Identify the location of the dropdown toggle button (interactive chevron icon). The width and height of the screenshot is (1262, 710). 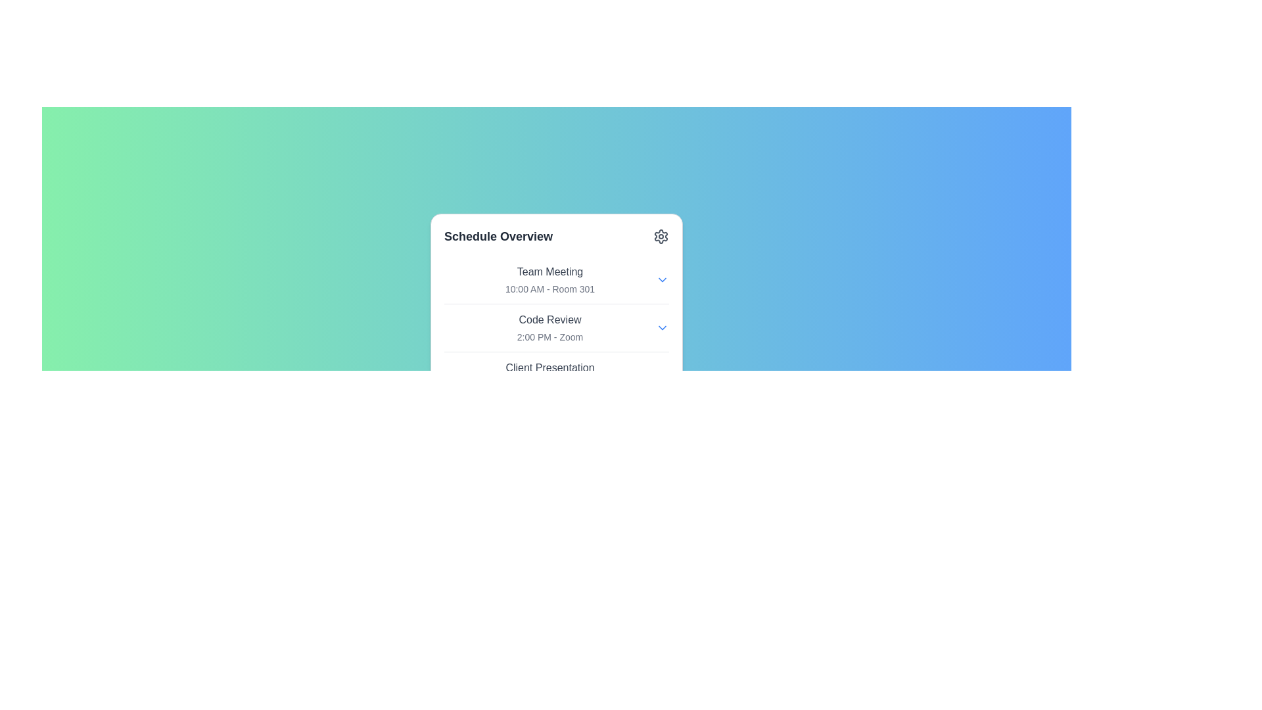
(663, 327).